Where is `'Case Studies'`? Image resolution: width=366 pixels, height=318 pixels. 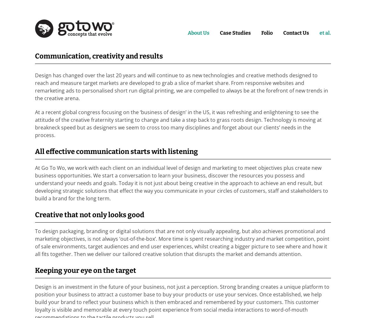 'Case Studies' is located at coordinates (235, 32).